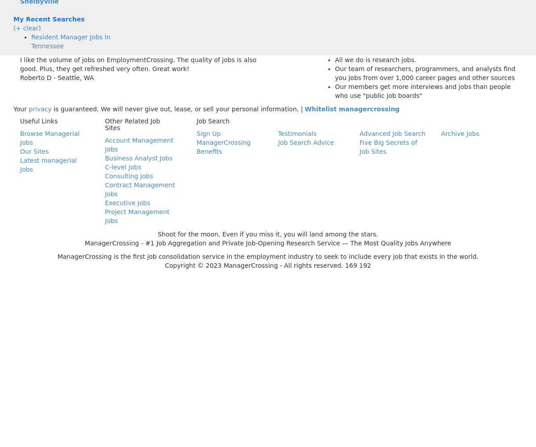 The height and width of the screenshot is (447, 536). Describe the element at coordinates (267, 234) in the screenshot. I see `'Shoot for the moon. Even if you miss it, you will land among the stars.'` at that location.